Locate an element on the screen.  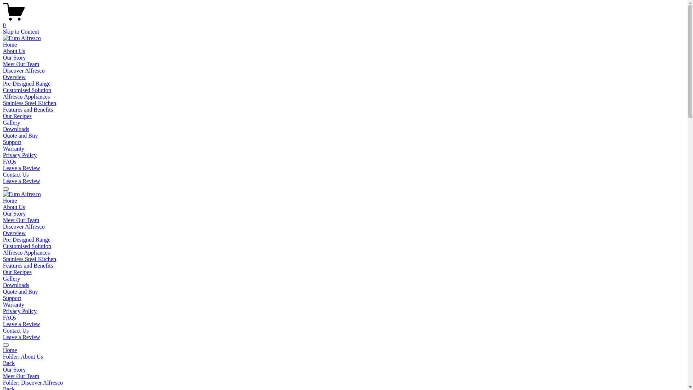
'Support' is located at coordinates (12, 298).